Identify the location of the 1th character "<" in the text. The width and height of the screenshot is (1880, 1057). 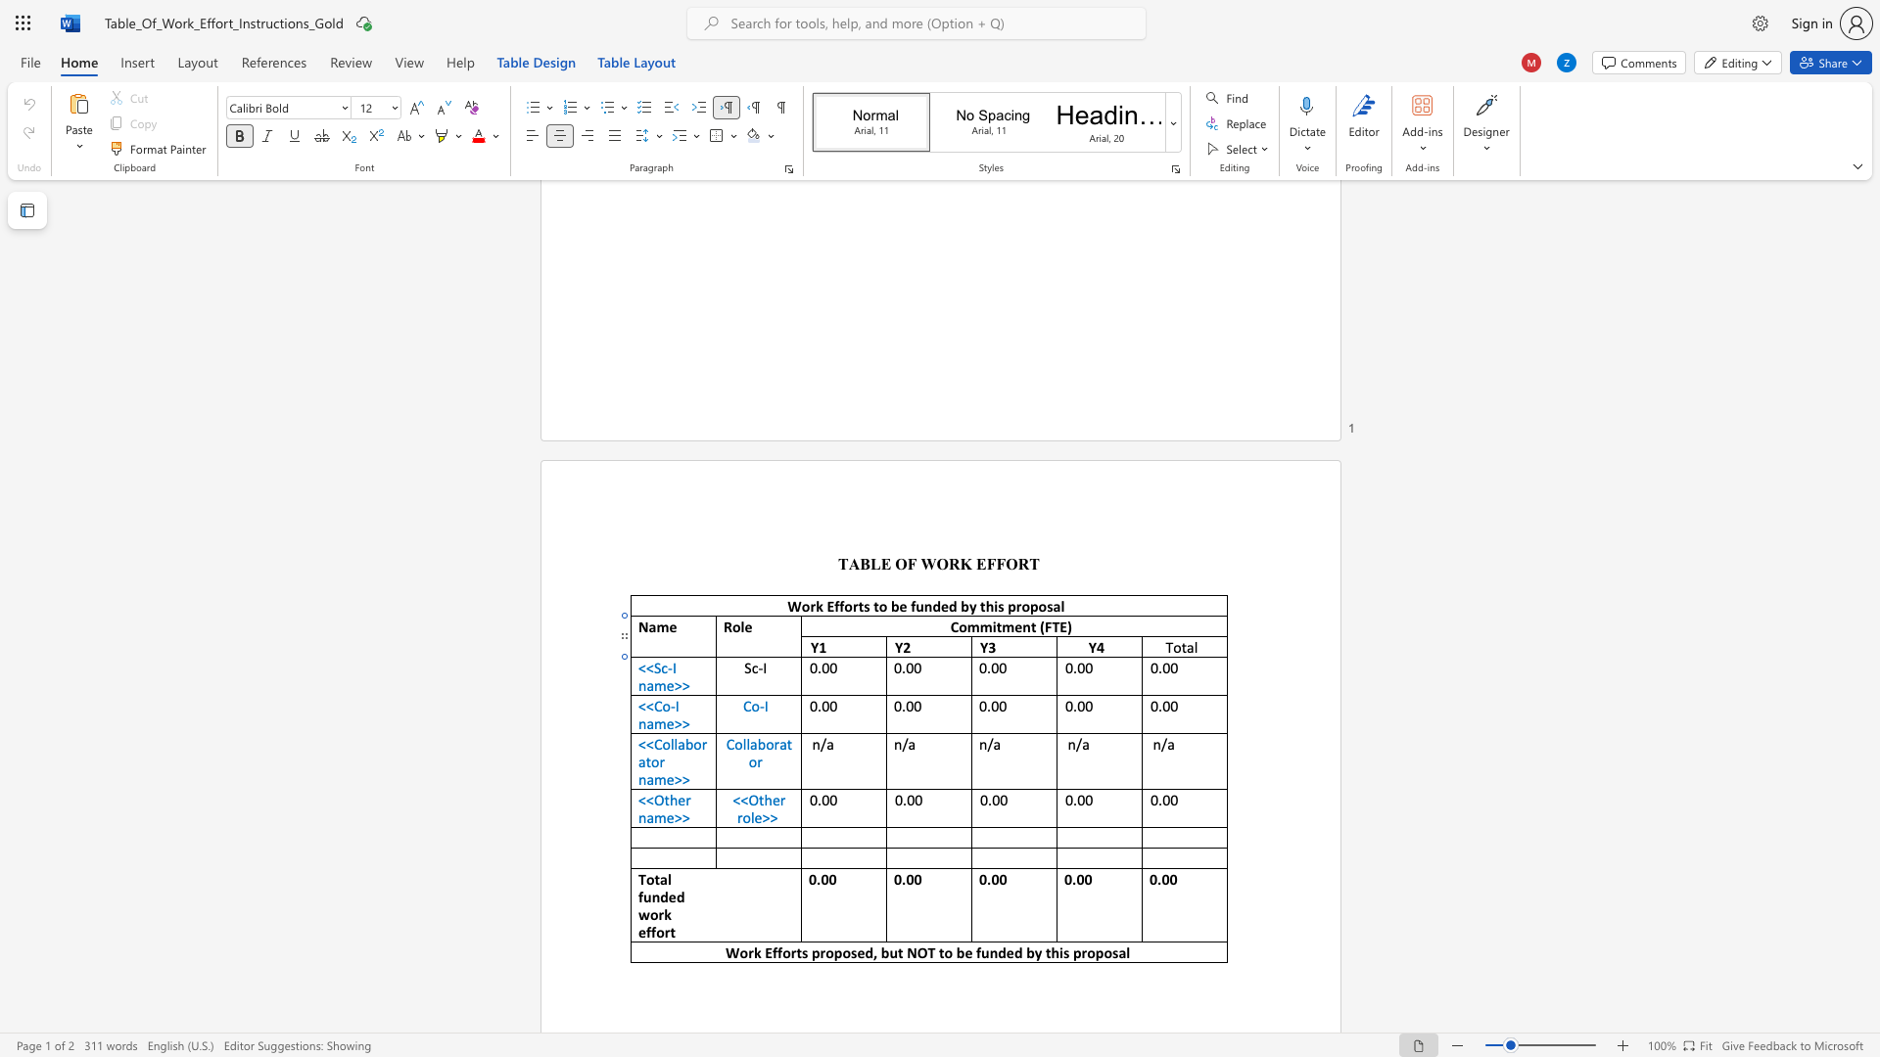
(642, 666).